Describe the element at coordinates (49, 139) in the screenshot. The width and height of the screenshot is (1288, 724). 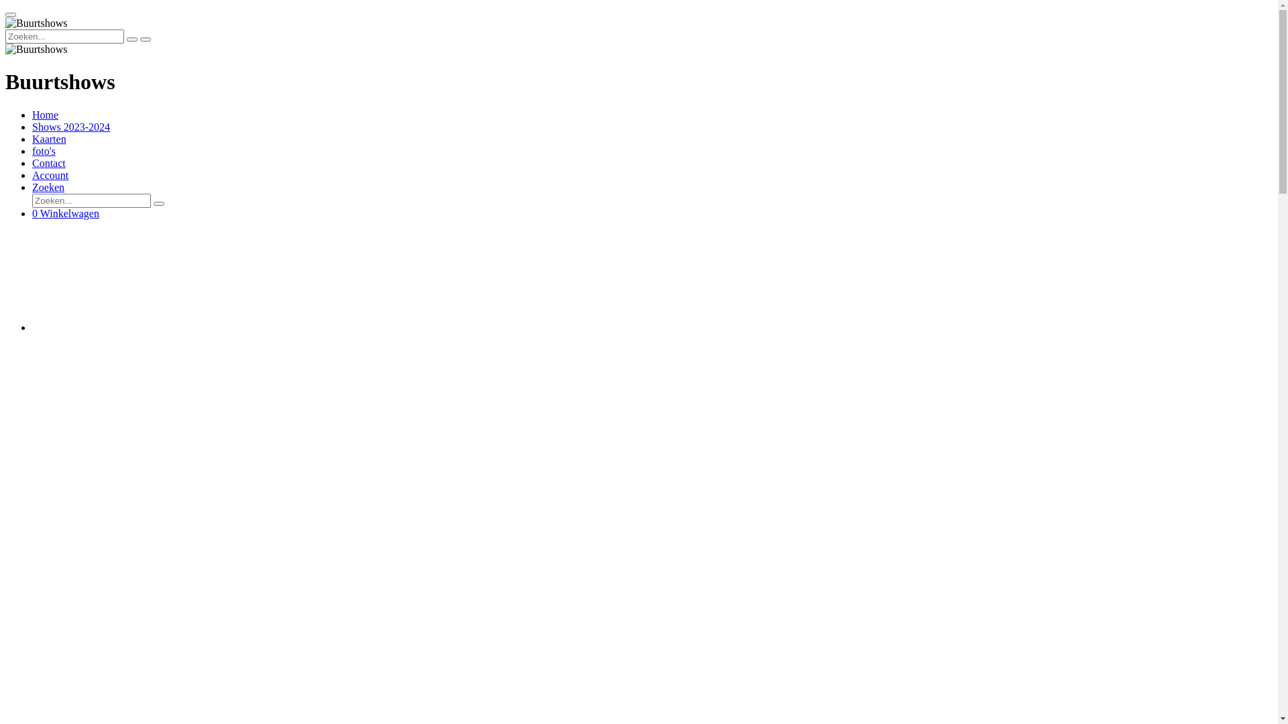
I see `'Kaarten'` at that location.